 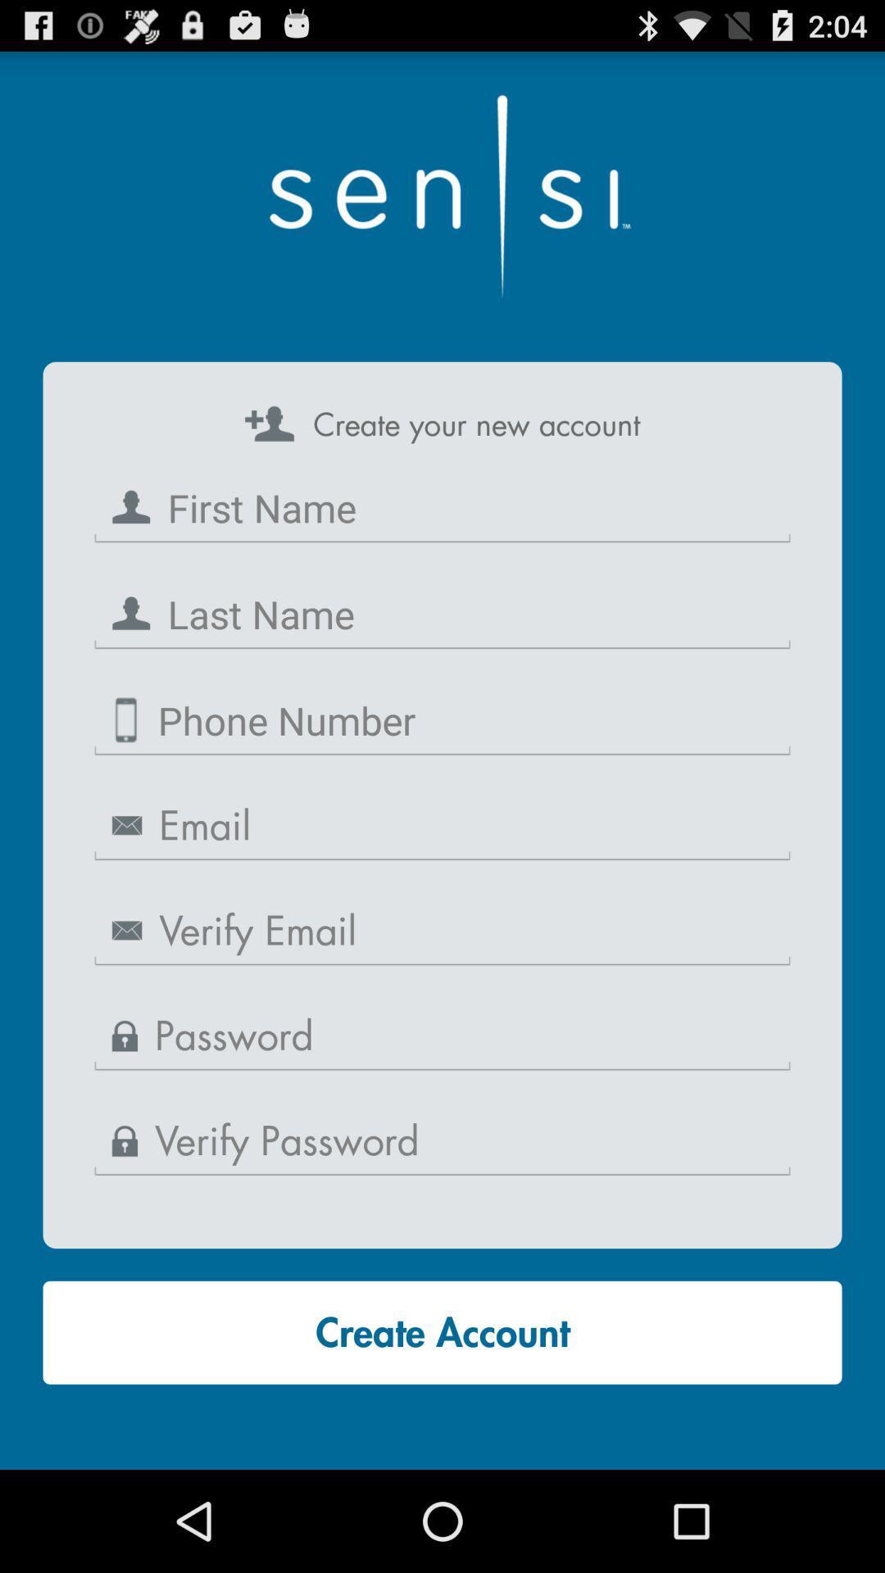 I want to click on input information, so click(x=442, y=1036).